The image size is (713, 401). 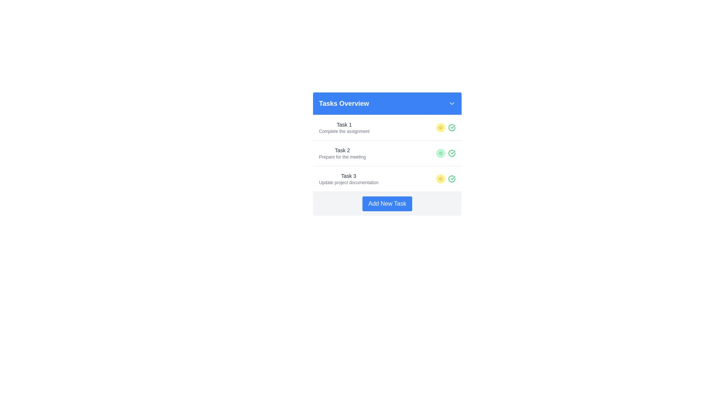 I want to click on the Text Label that provides additional context for 'Task 3' located in the lower portion of the task list panel, aligned center-left under the 'Tasks Overview' header, so click(x=348, y=183).